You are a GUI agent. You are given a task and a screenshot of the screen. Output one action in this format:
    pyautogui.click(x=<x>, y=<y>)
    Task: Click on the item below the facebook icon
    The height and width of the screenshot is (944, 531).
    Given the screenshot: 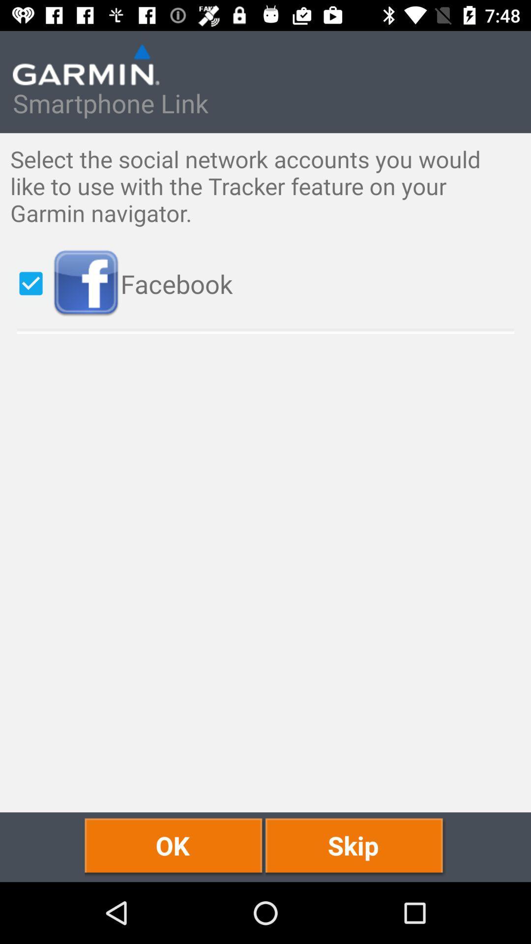 What is the action you would take?
    pyautogui.click(x=355, y=847)
    